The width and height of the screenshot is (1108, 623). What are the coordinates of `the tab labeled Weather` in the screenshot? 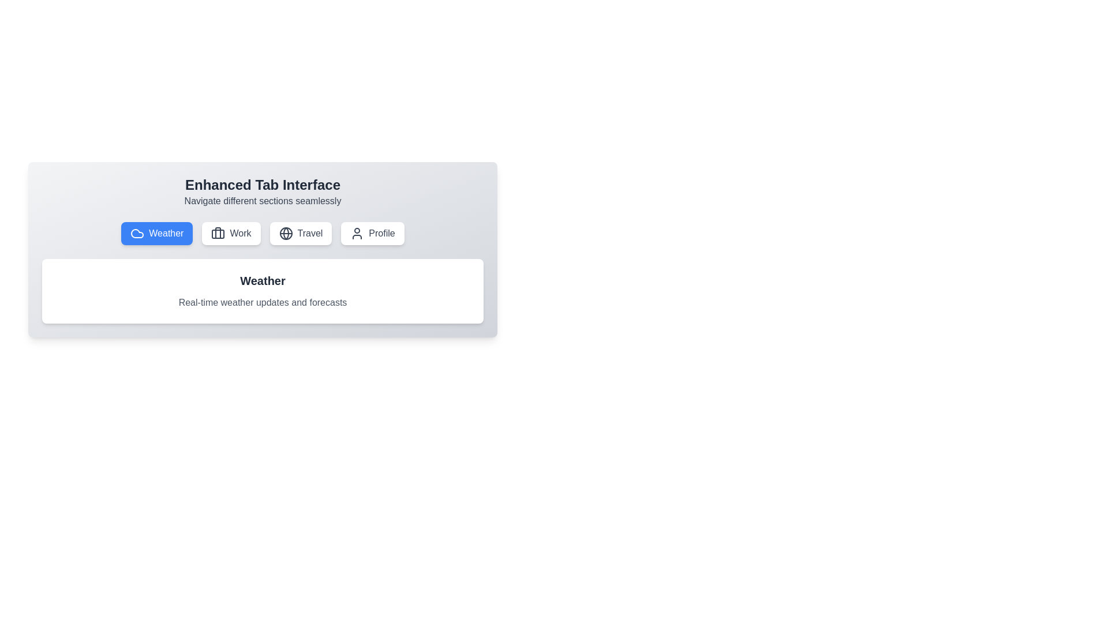 It's located at (156, 234).